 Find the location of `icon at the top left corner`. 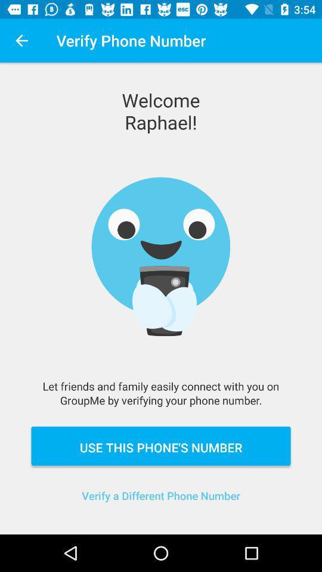

icon at the top left corner is located at coordinates (21, 41).